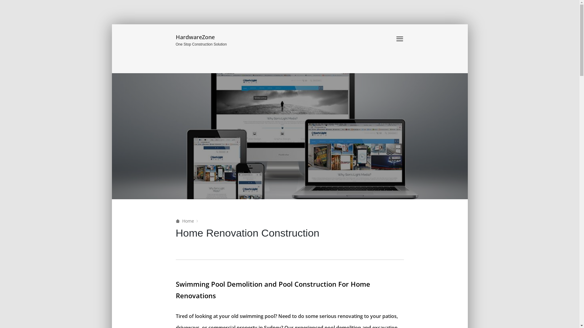  Describe the element at coordinates (211, 37) in the screenshot. I see `'HardwareZone'` at that location.